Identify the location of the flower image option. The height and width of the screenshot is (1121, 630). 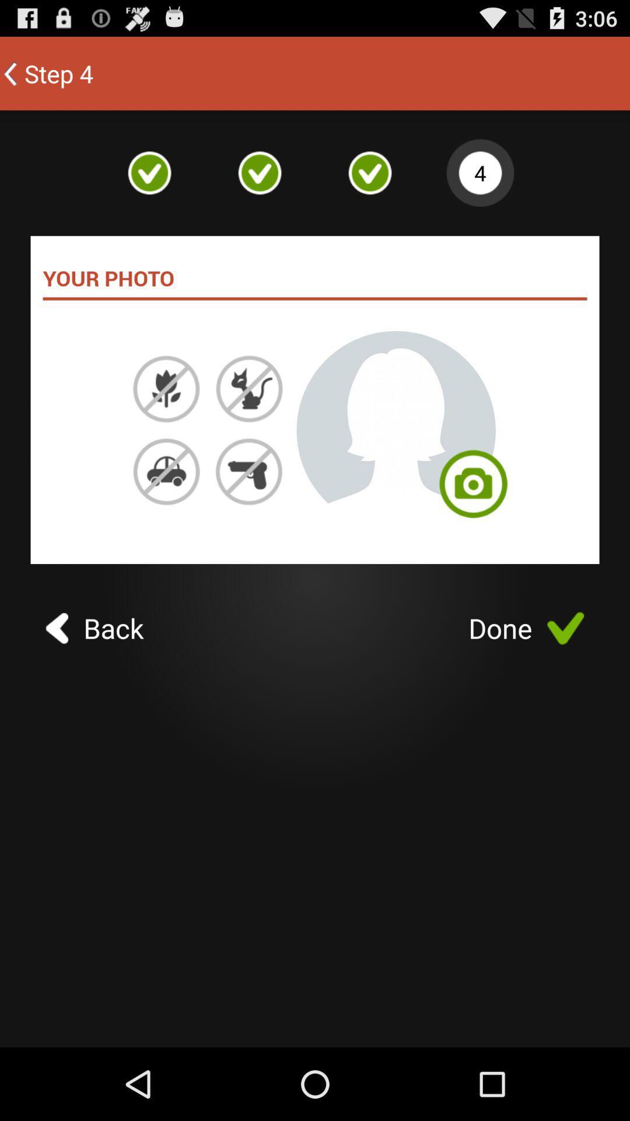
(166, 389).